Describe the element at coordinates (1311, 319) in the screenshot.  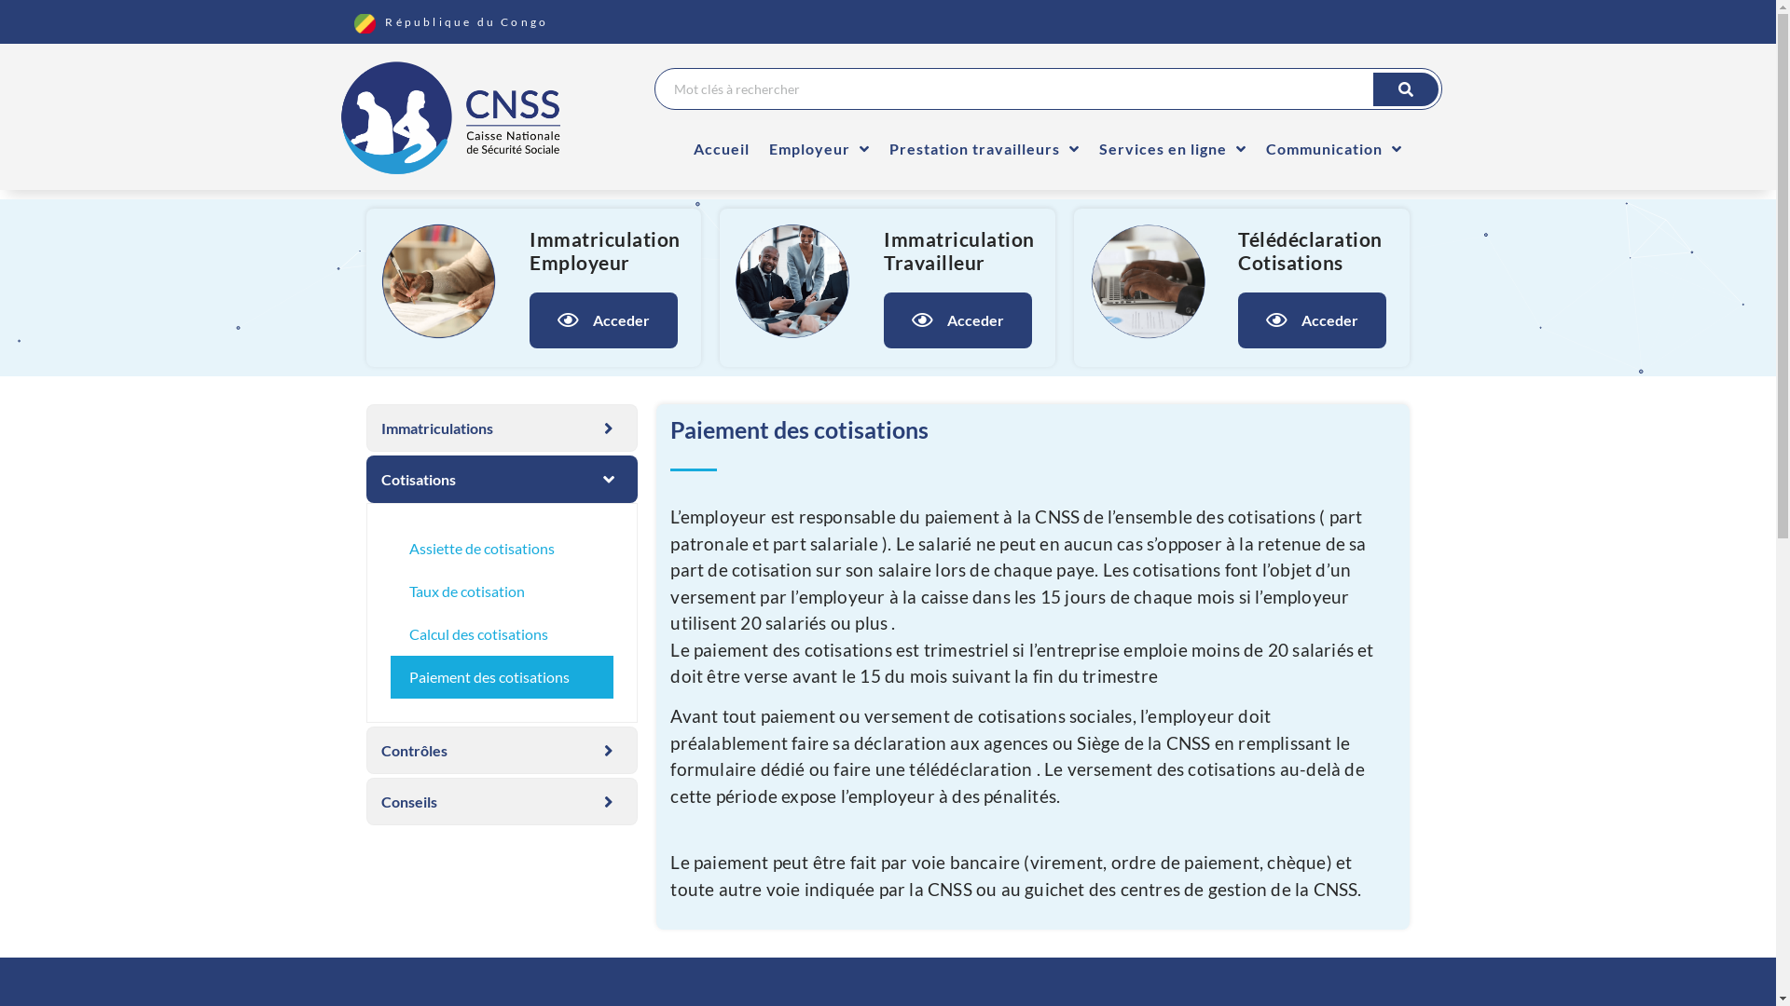
I see `'Acceder'` at that location.